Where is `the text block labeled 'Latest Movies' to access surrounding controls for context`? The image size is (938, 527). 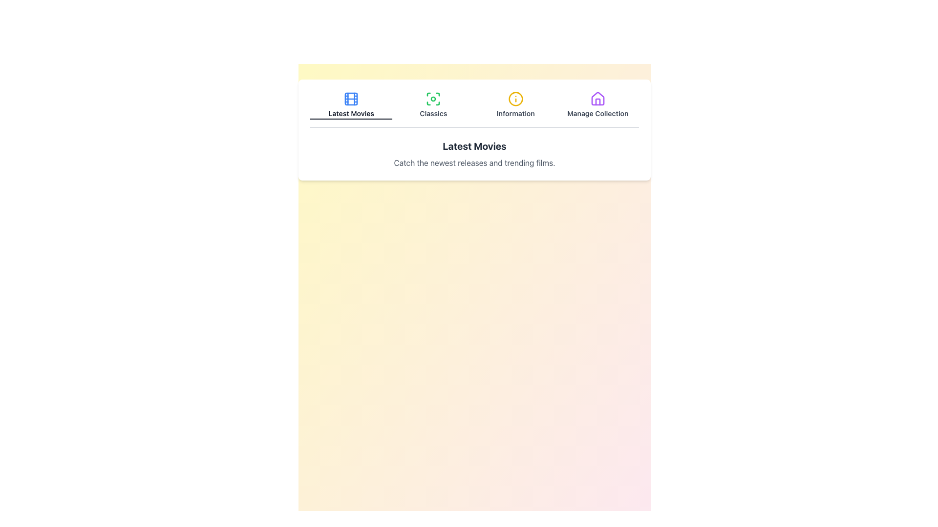 the text block labeled 'Latest Movies' to access surrounding controls for context is located at coordinates (474, 154).